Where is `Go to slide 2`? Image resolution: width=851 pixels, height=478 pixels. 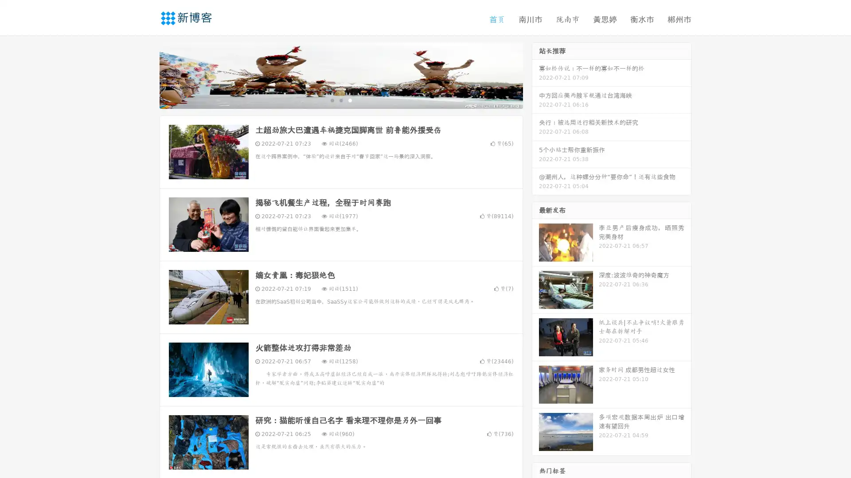
Go to slide 2 is located at coordinates (340, 100).